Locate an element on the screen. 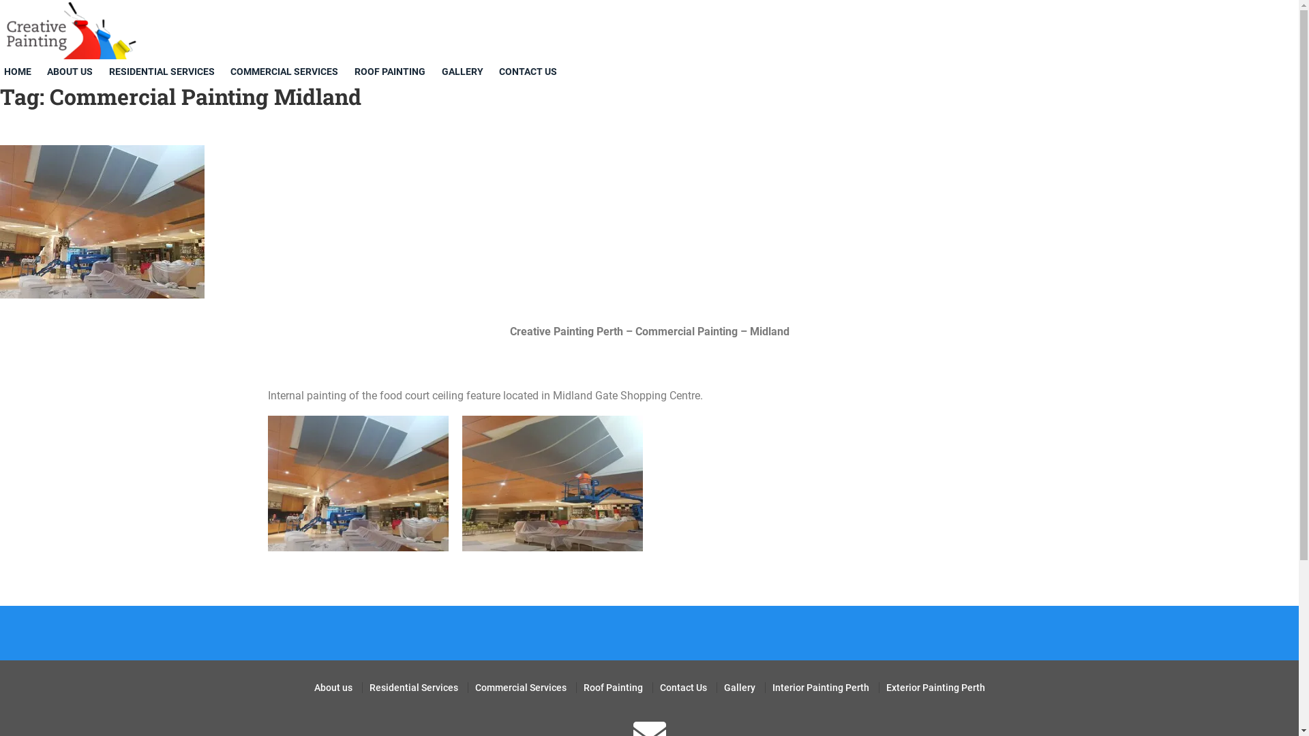  'GALLERY' is located at coordinates (465, 72).